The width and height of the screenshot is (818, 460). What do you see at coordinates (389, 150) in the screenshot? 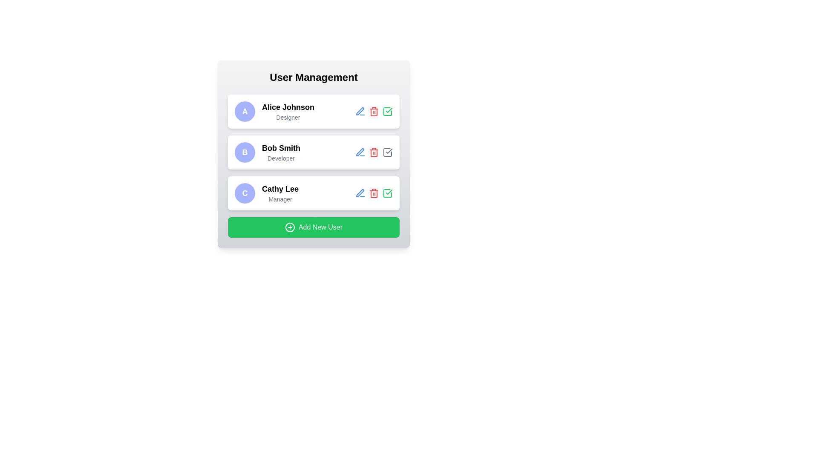
I see `the confirmation icon next to 'Alice Johnson' in the control panel for more information` at bounding box center [389, 150].